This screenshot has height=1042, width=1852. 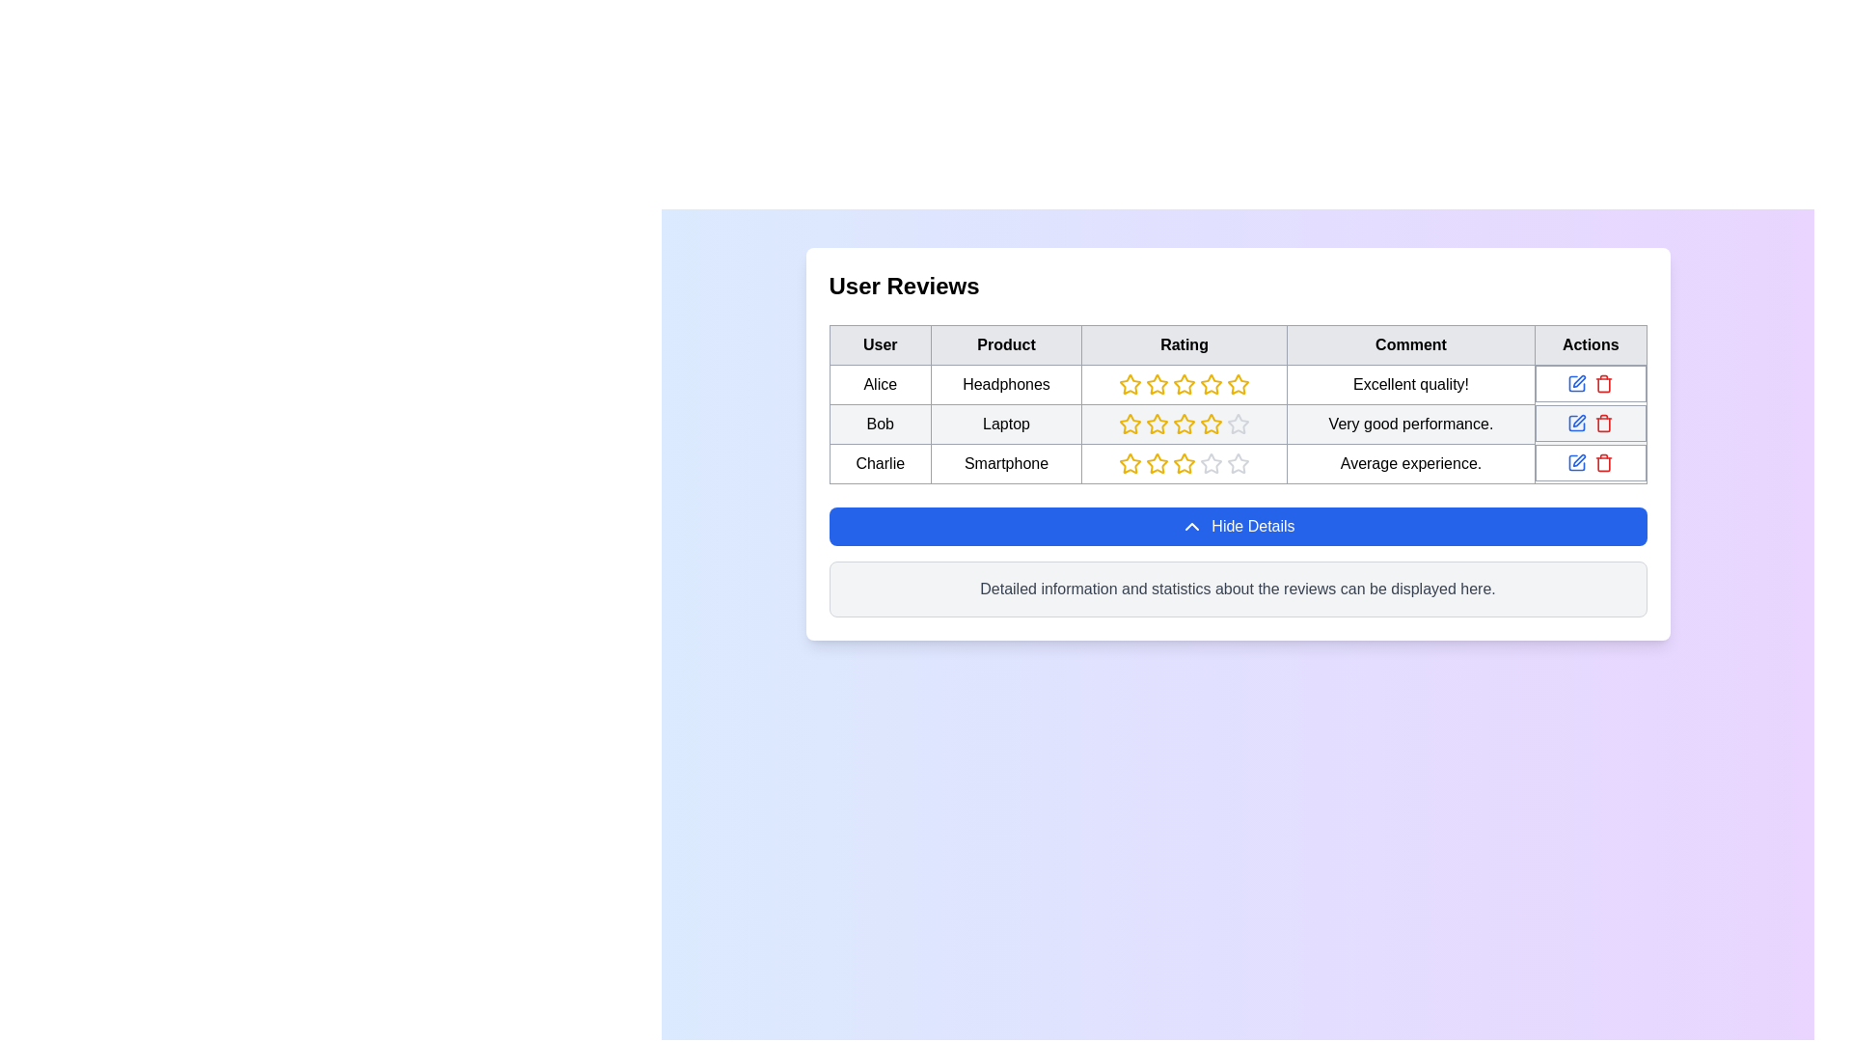 I want to click on the star icon with a yellow border and white center located in the 'Rating' column of the 'User Reviews' table for the user 'Bob' to rate it, so click(x=1184, y=423).